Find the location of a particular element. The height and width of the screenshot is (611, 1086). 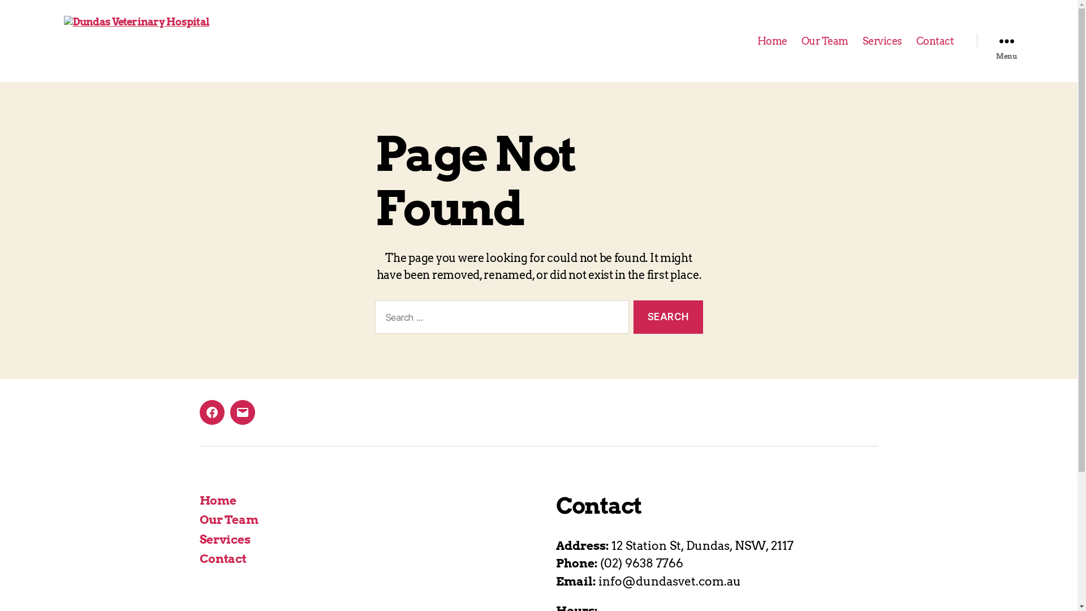

'Contact' is located at coordinates (916, 41).